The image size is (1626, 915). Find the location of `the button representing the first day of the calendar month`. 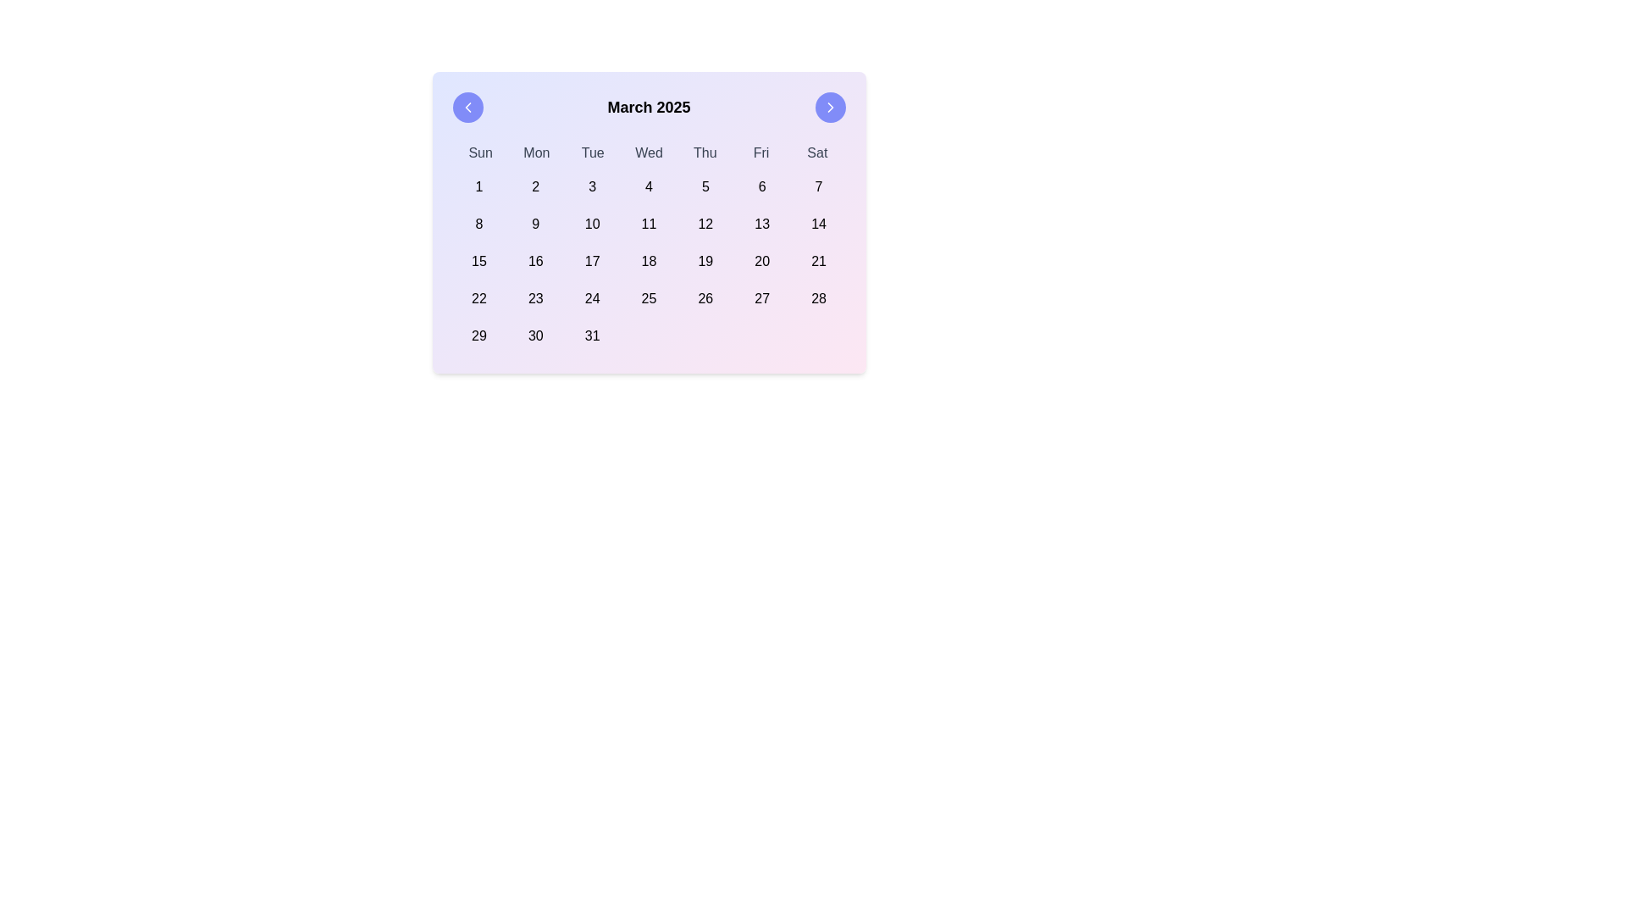

the button representing the first day of the calendar month is located at coordinates (478, 186).